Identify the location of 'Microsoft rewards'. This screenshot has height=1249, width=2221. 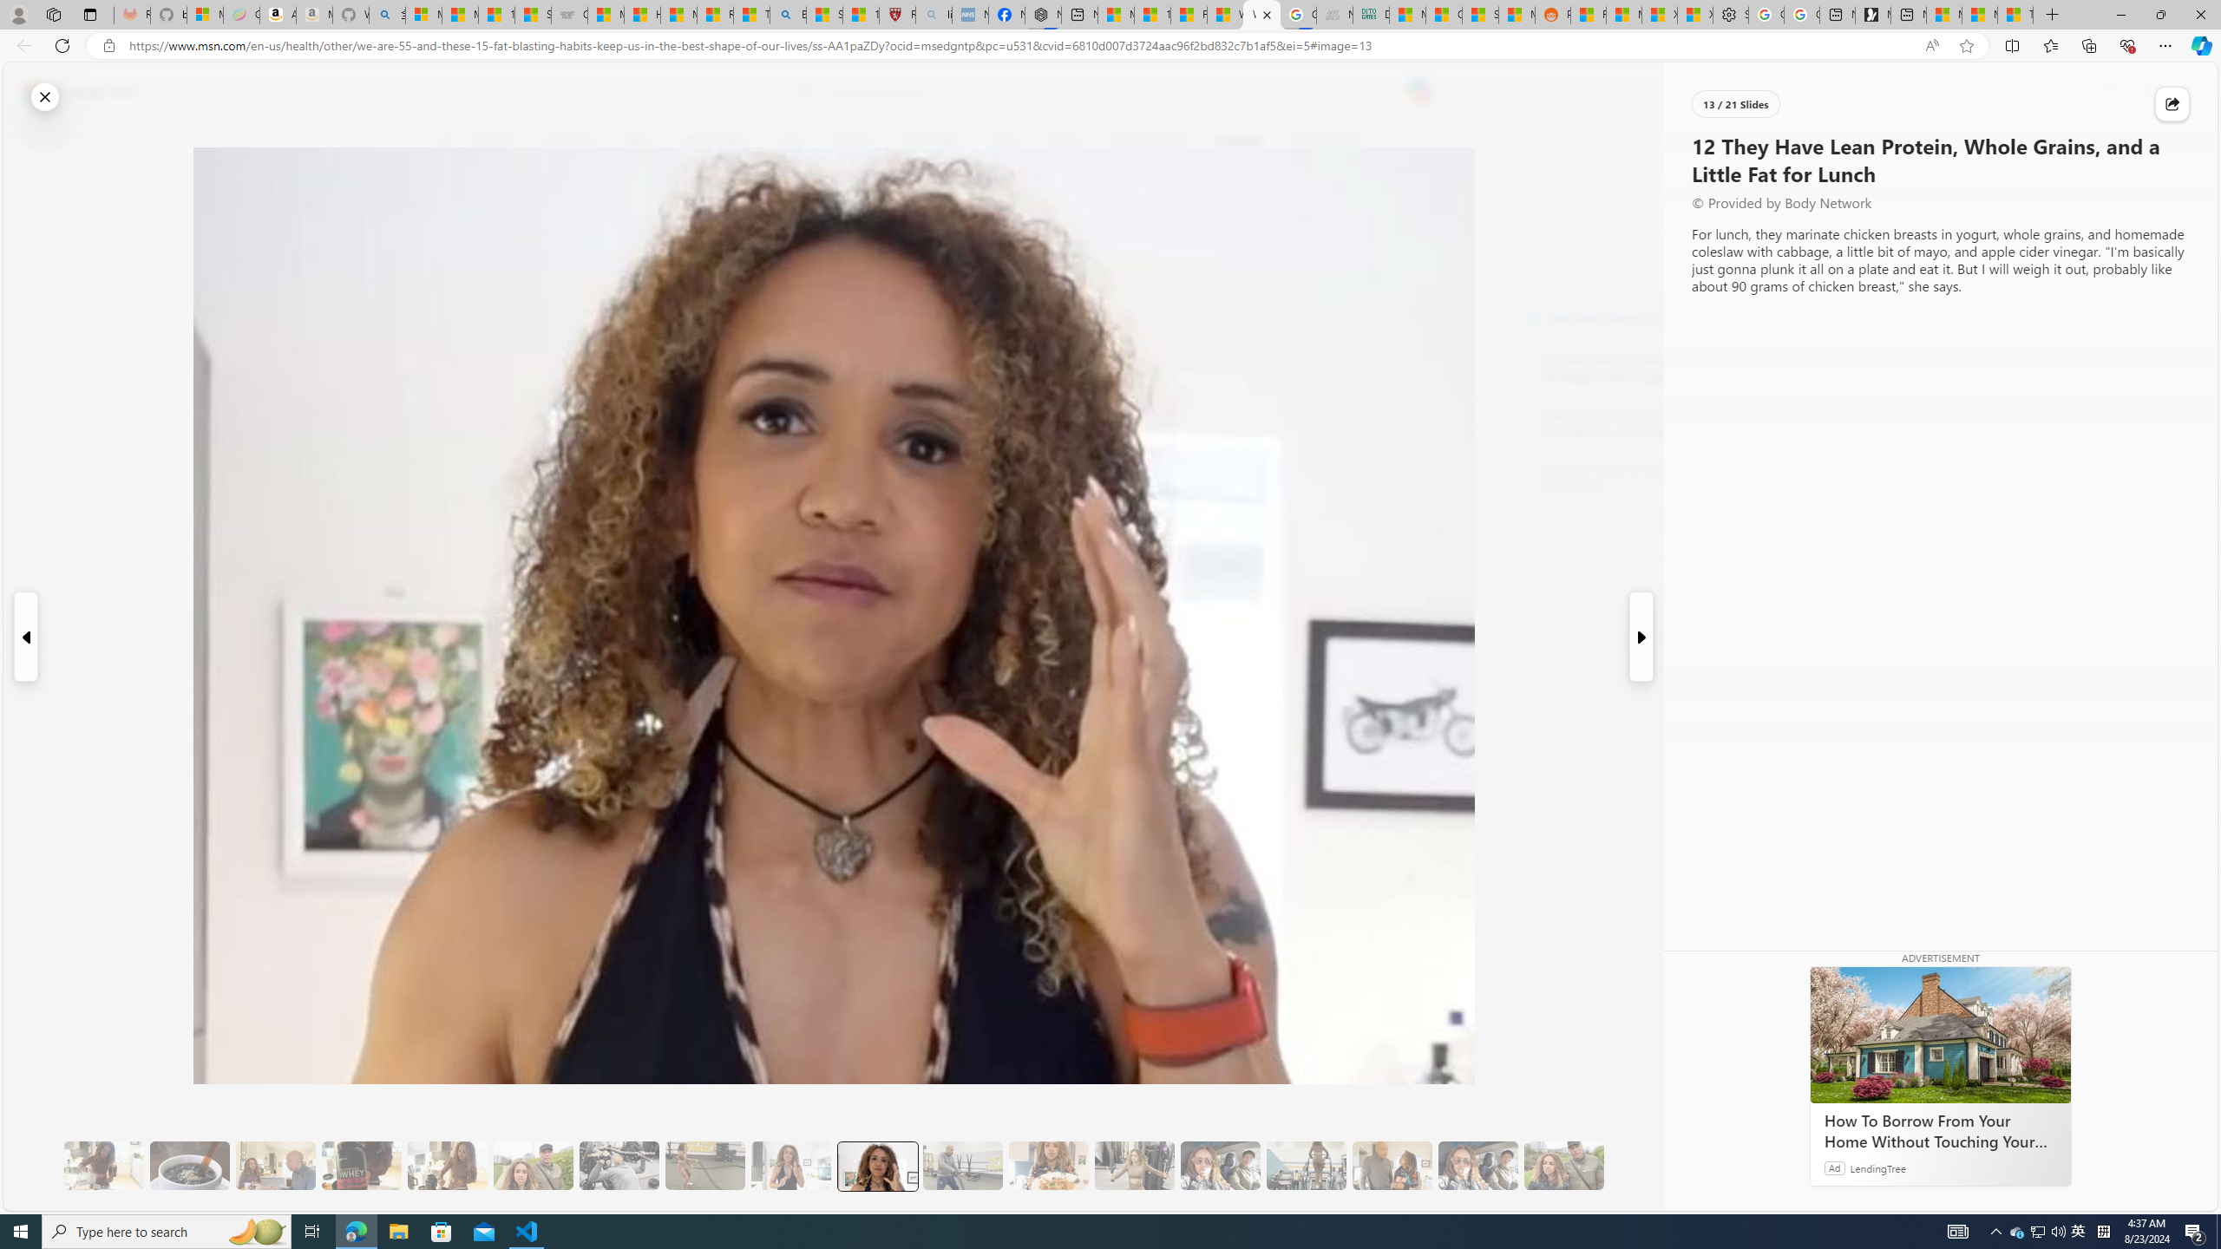
(2109, 92).